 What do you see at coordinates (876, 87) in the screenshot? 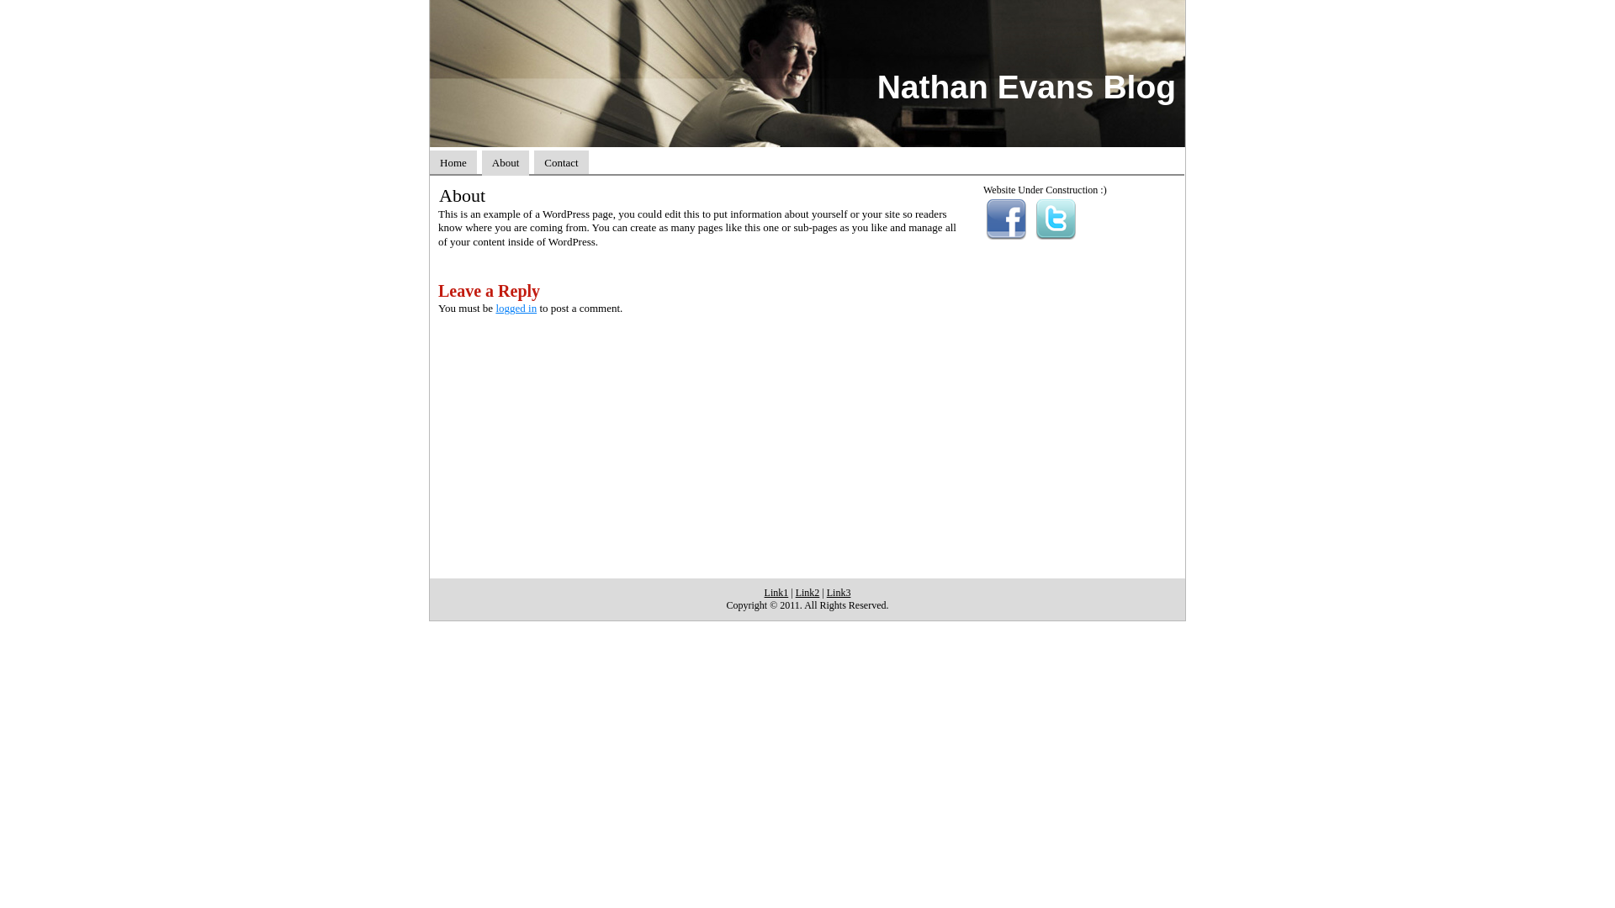
I see `'Nathan Evans Blog'` at bounding box center [876, 87].